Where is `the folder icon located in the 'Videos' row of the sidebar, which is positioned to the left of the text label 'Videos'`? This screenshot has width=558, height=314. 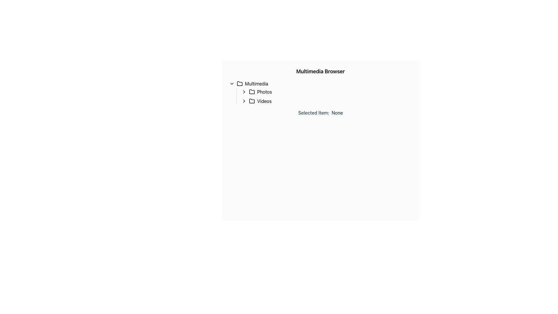
the folder icon located in the 'Videos' row of the sidebar, which is positioned to the left of the text label 'Videos' is located at coordinates (252, 101).